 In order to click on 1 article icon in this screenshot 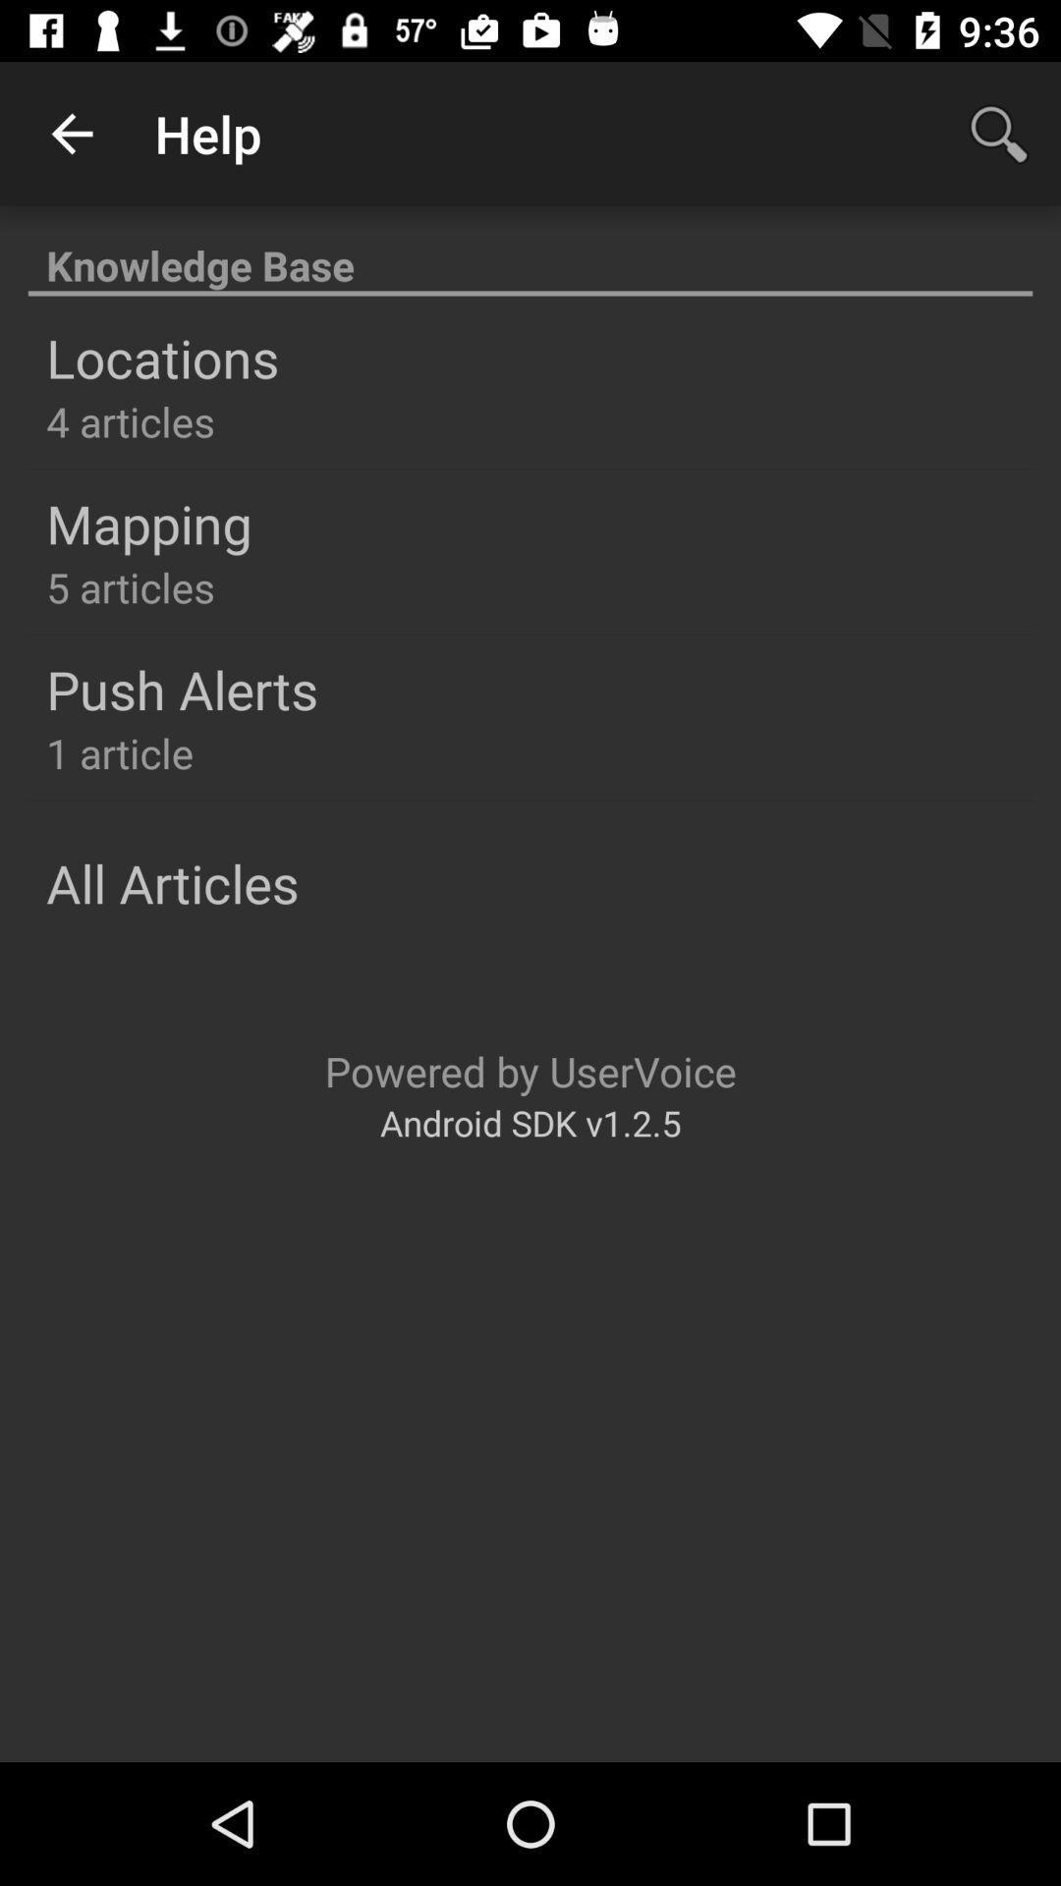, I will do `click(120, 751)`.